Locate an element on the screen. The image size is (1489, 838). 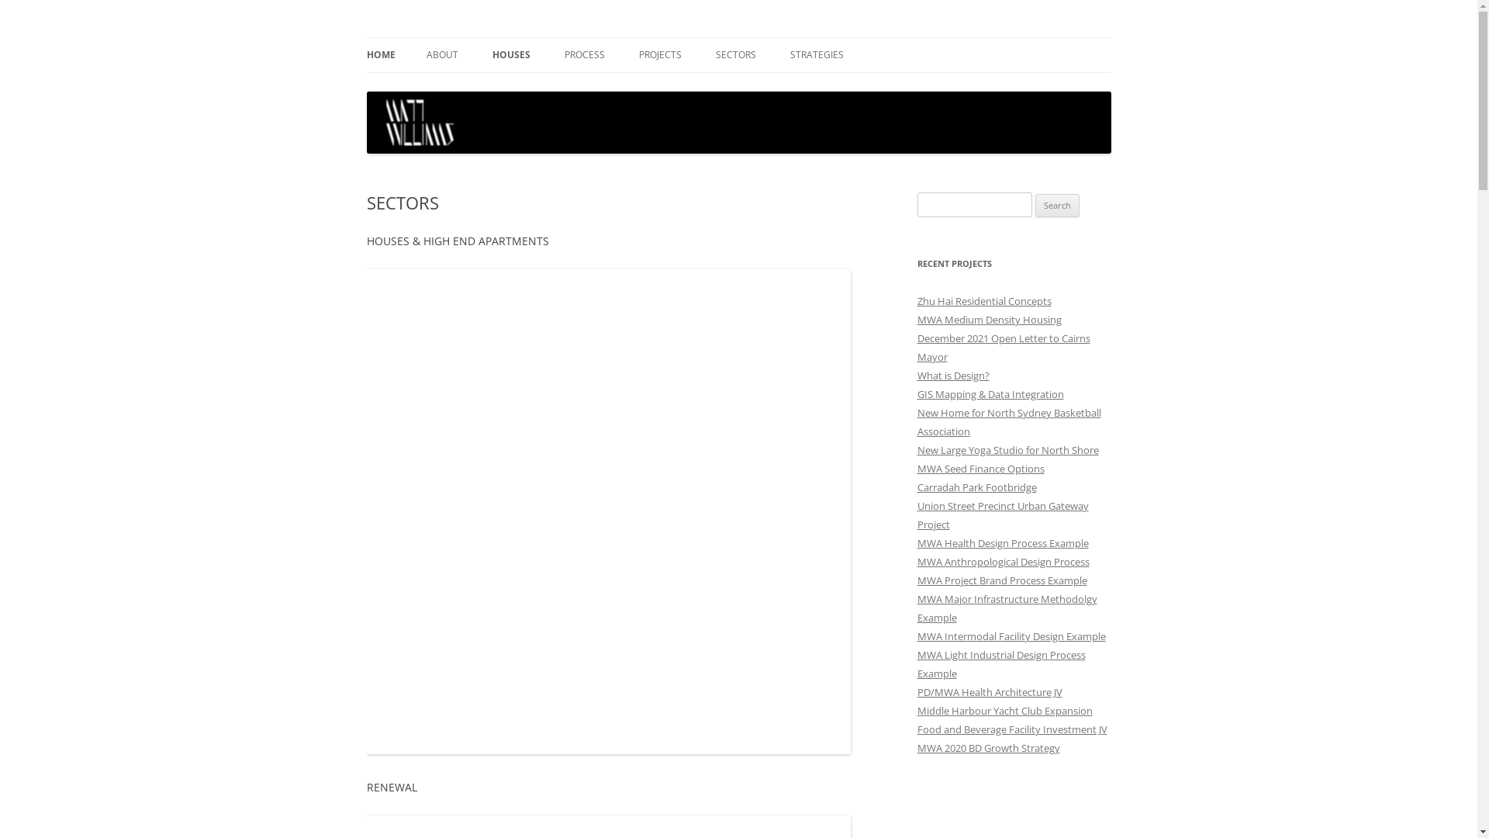
'MWA Health Design Process Example' is located at coordinates (1002, 542).